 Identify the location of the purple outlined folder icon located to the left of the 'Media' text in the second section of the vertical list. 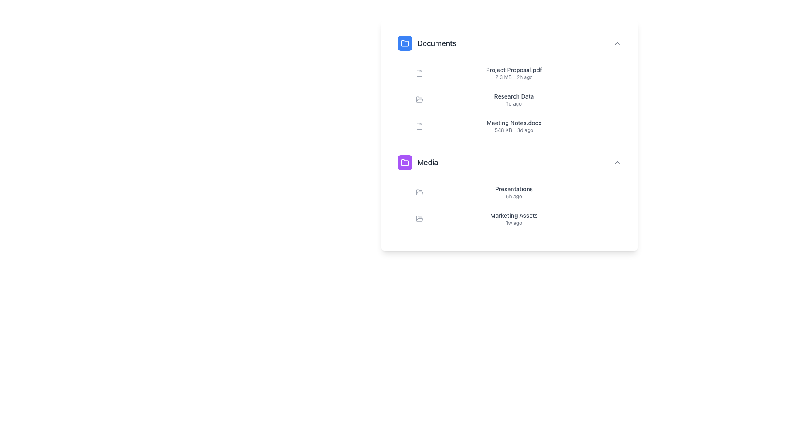
(405, 162).